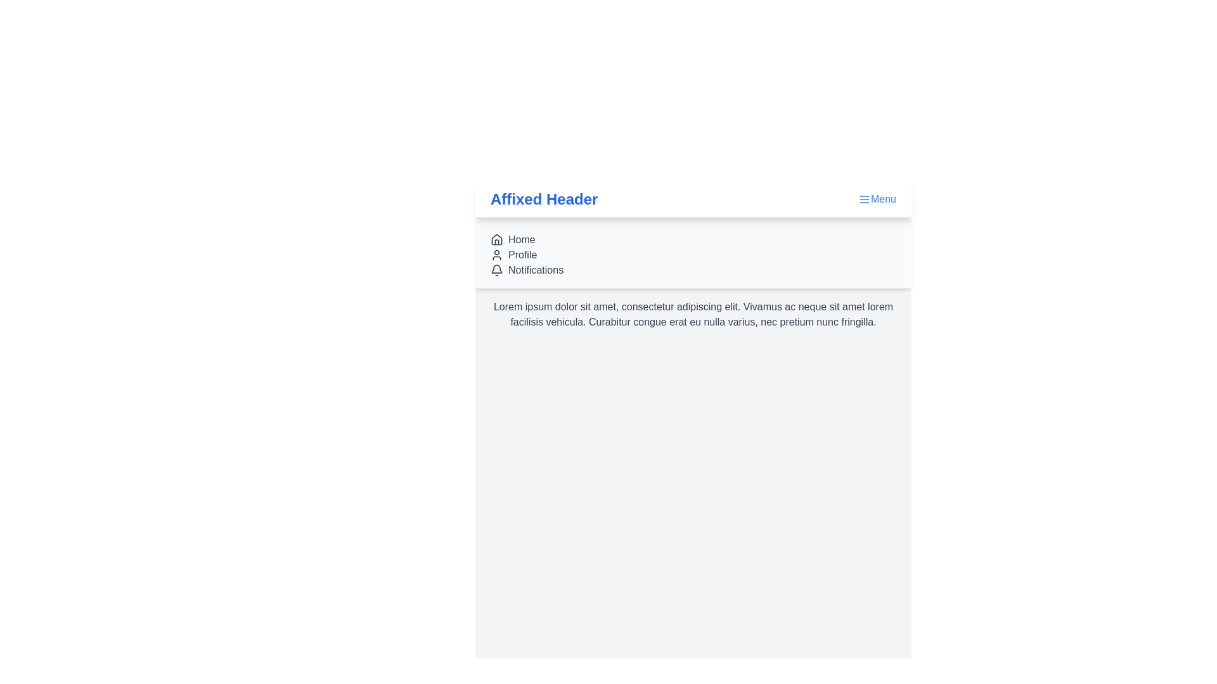 Image resolution: width=1217 pixels, height=684 pixels. Describe the element at coordinates (496, 270) in the screenshot. I see `the black bell icon representing notifications in the navigation panel located under the 'Notifications' label` at that location.